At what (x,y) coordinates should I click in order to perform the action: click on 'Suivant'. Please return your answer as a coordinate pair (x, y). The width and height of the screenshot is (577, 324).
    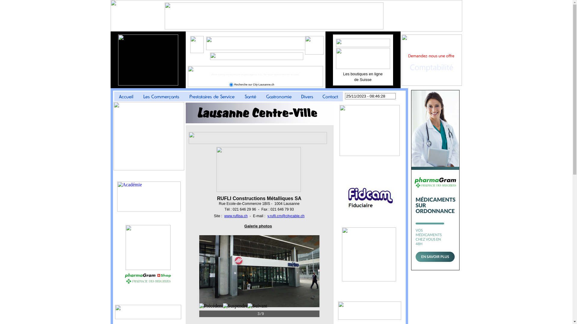
    Looking at the image, I should click on (248, 306).